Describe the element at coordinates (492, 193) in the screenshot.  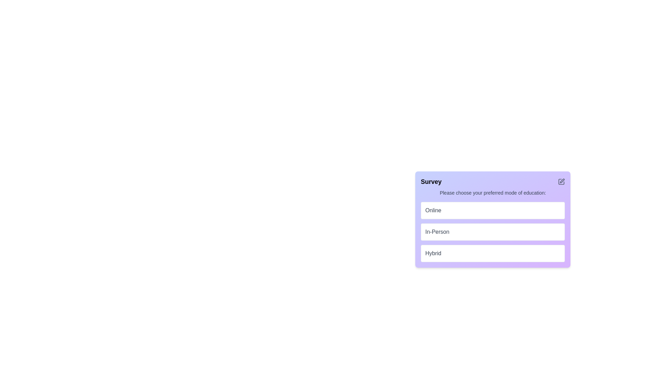
I see `the Text Label that prompts users to select their preferred mode of education, located beneath the 'Survey' header and above the options 'Online', 'In-Person', and 'Hybrid'` at that location.